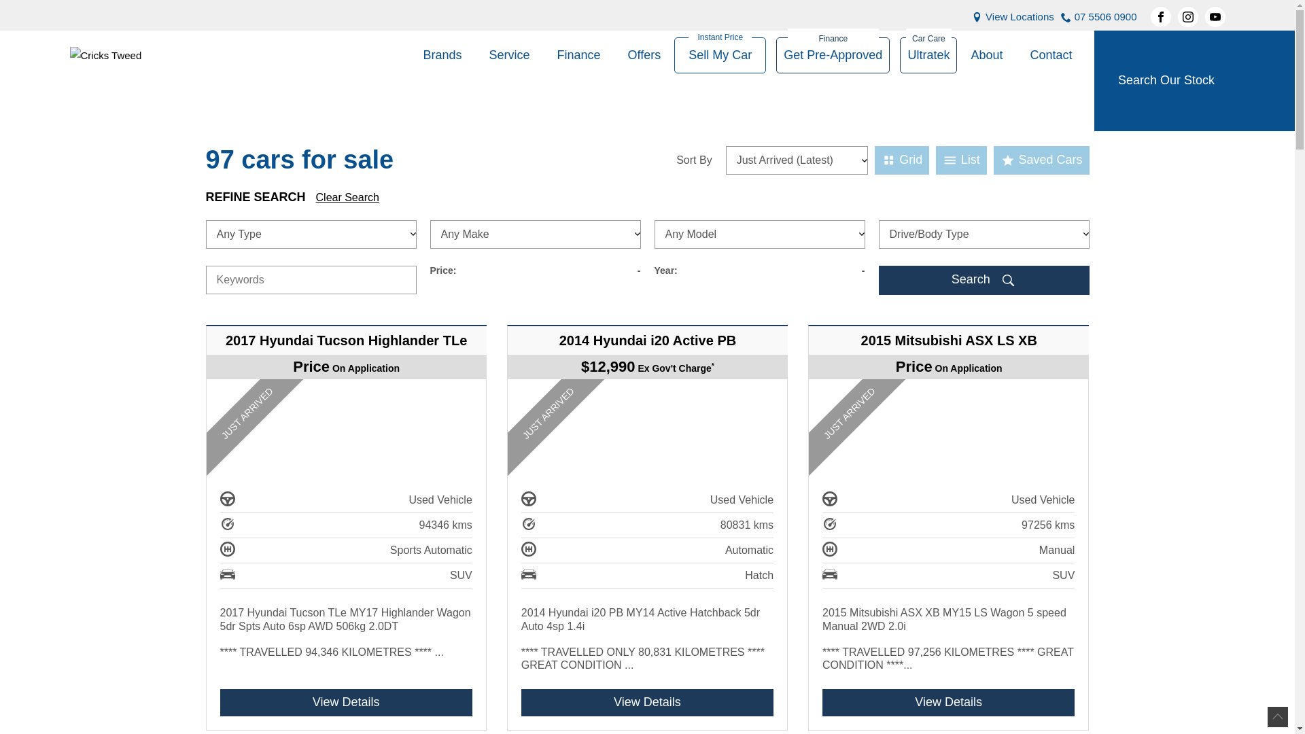 The image size is (1305, 734). What do you see at coordinates (1194, 81) in the screenshot?
I see `'Search Our Stock'` at bounding box center [1194, 81].